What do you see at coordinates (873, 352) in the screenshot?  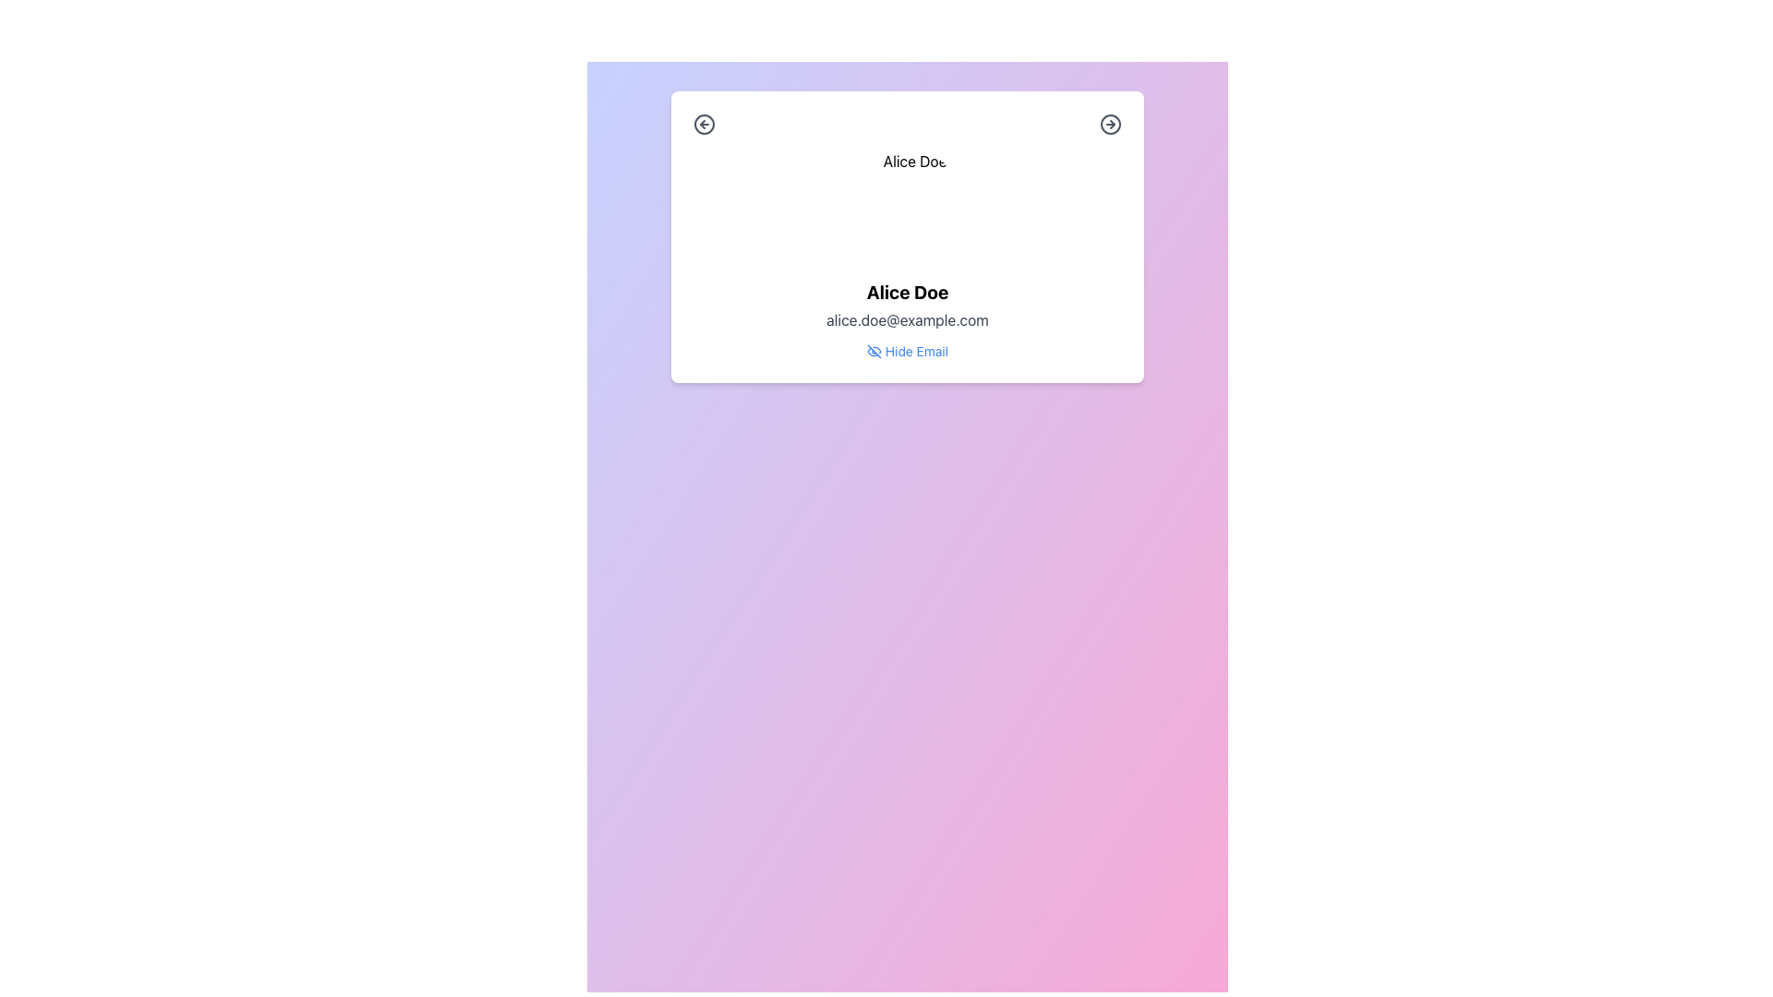 I see `the 'Hide Email' SVG icon located to the left of the text, which activates the functionality to hide the displayed email` at bounding box center [873, 352].